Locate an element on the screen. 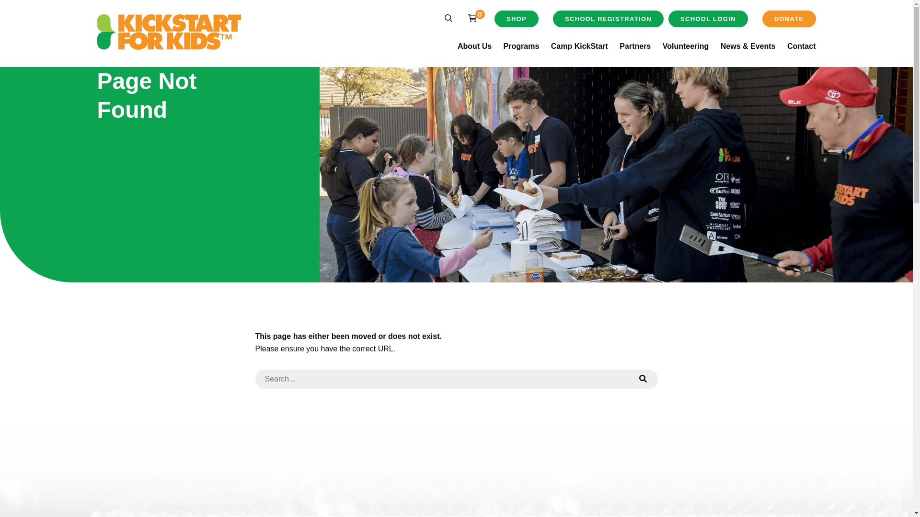 Image resolution: width=920 pixels, height=517 pixels. 'Contact' is located at coordinates (802, 46).